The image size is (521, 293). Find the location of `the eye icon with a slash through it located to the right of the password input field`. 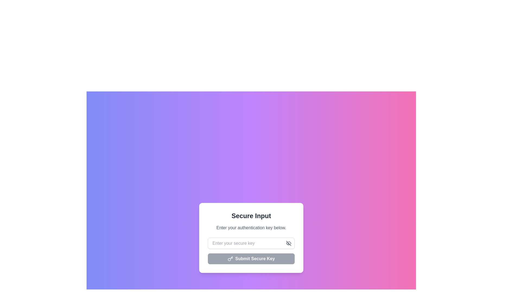

the eye icon with a slash through it located to the right of the password input field is located at coordinates (288, 243).